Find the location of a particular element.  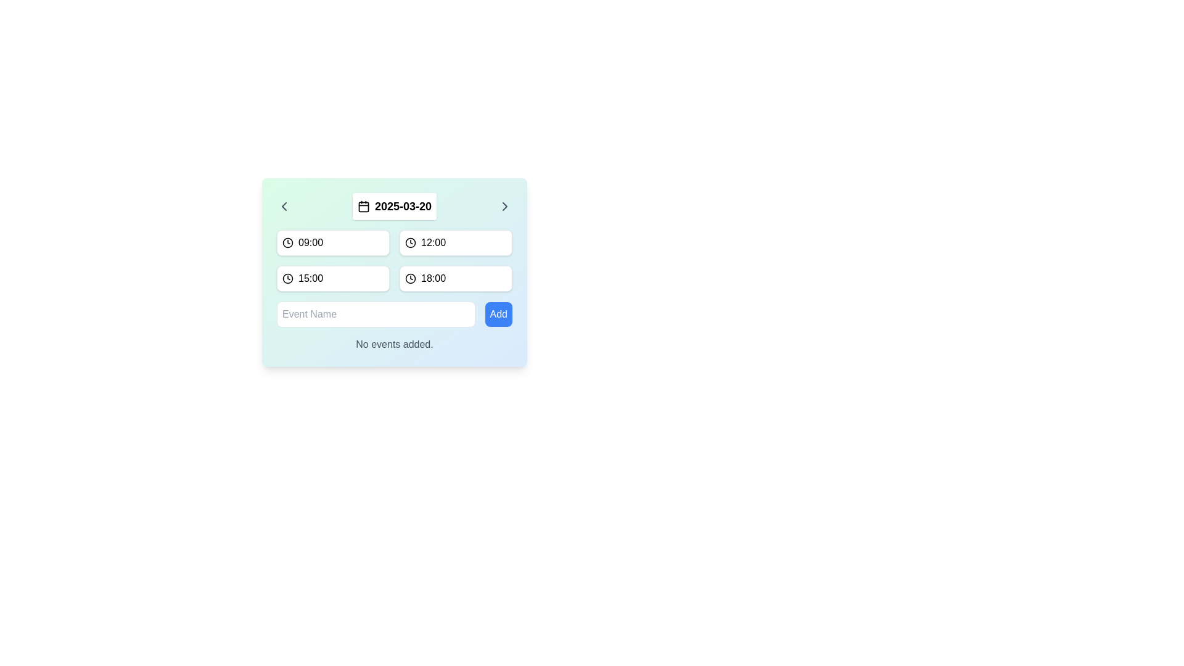

the bold text label displaying the date '2025-03-20', which is located in a small white rectangular block with rounded corners in the top-middle section of the interface is located at coordinates (403, 206).